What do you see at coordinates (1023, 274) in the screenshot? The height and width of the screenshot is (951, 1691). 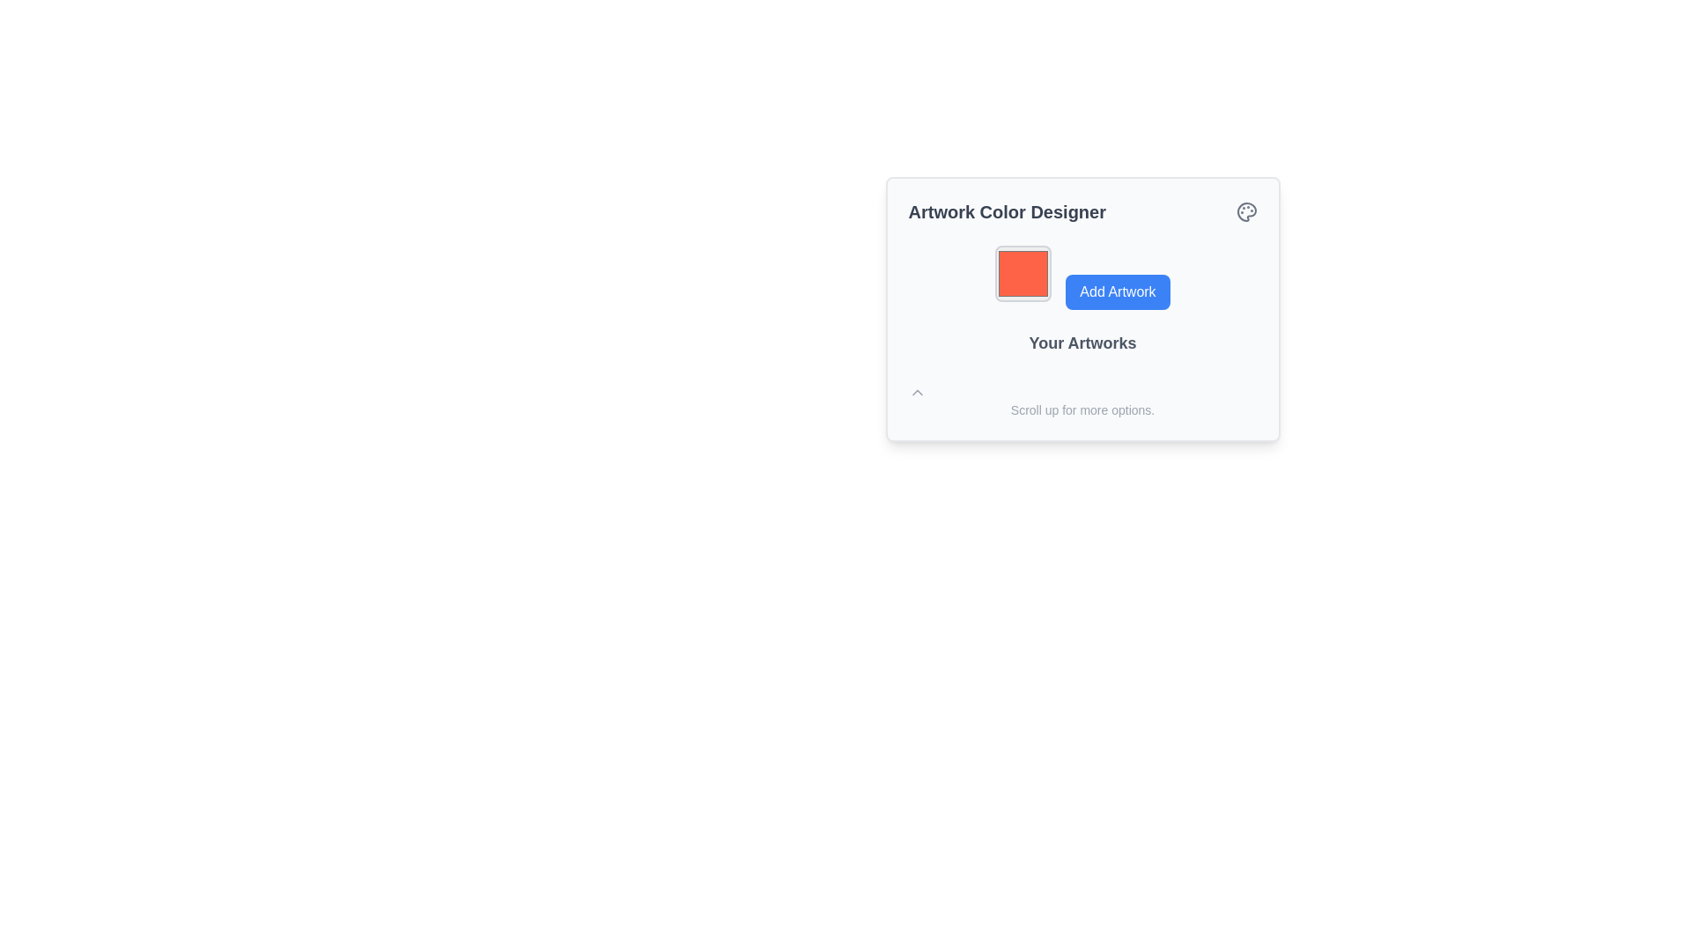 I see `on the color picker located in the 'Add Artwork' section` at bounding box center [1023, 274].